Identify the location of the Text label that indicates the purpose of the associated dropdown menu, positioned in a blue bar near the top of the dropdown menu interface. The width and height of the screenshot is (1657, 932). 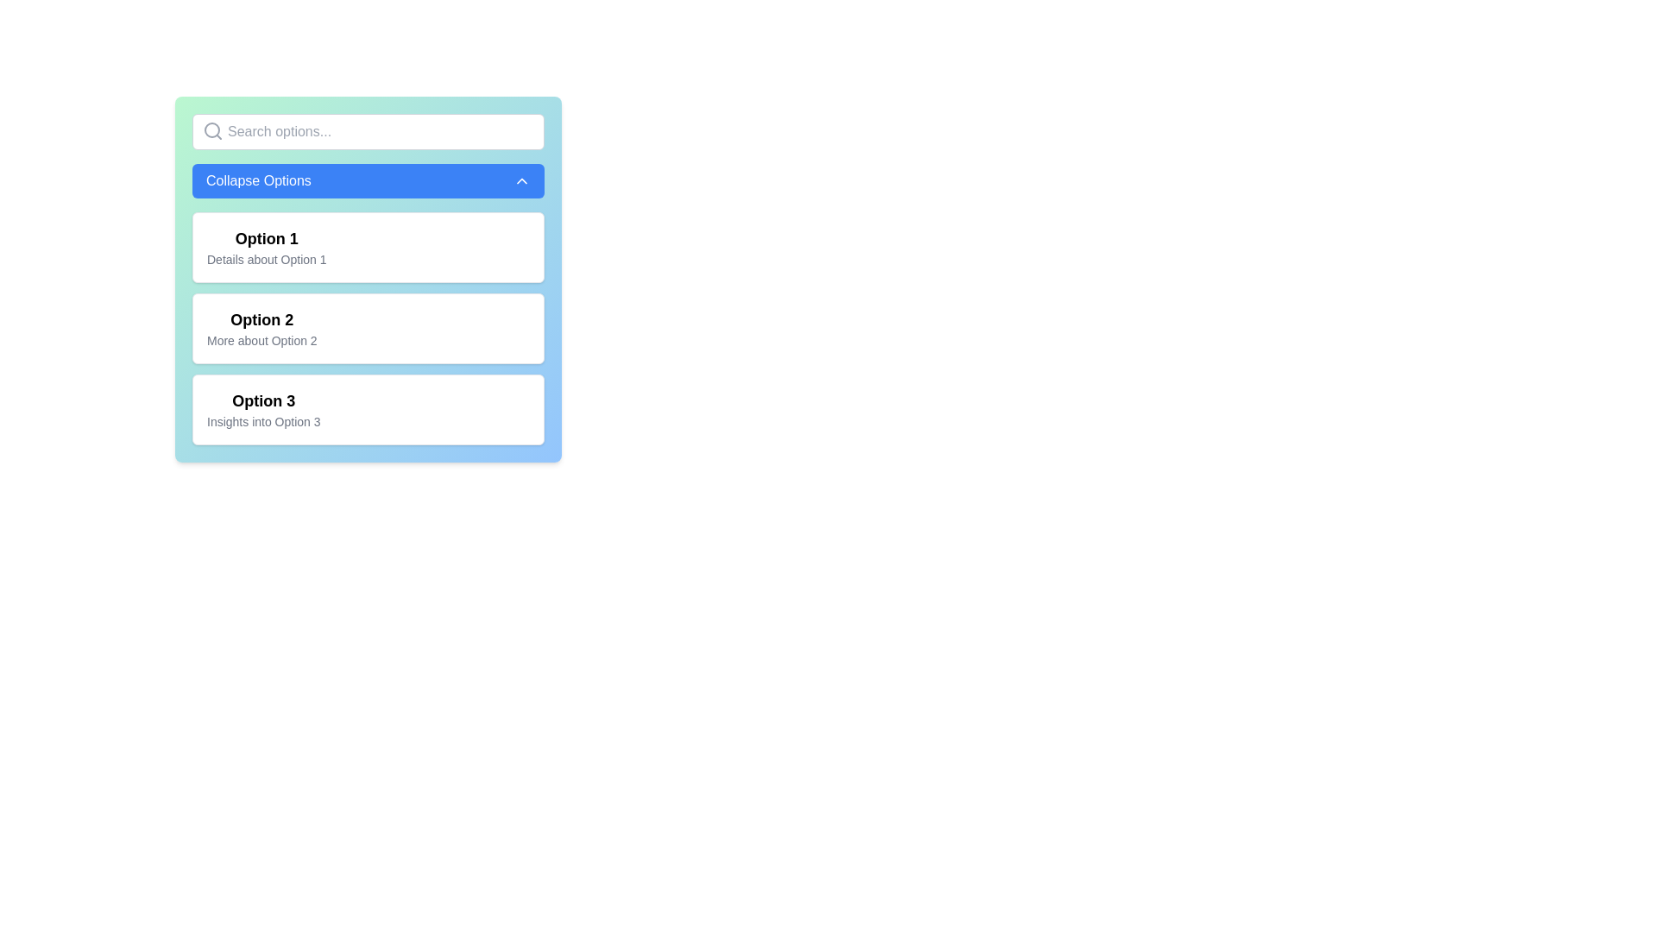
(257, 180).